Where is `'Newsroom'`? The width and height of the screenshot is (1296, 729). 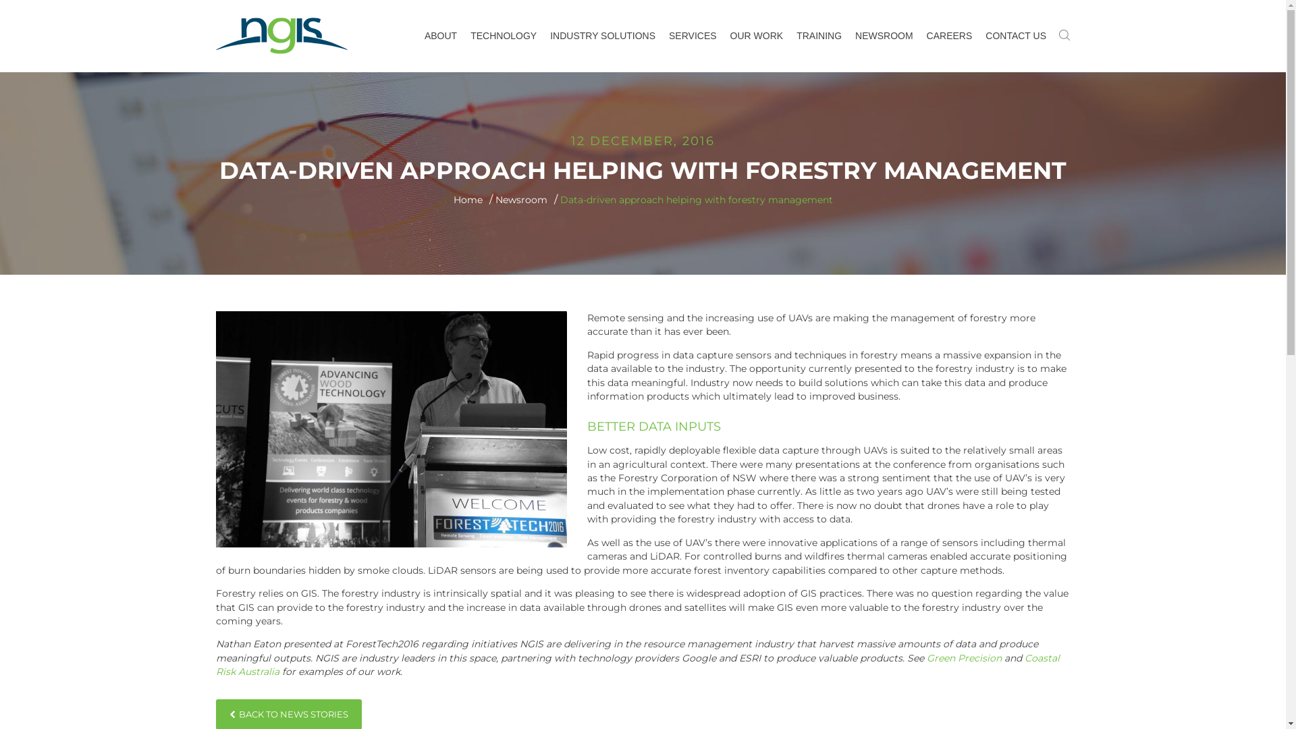
'Newsroom' is located at coordinates (520, 200).